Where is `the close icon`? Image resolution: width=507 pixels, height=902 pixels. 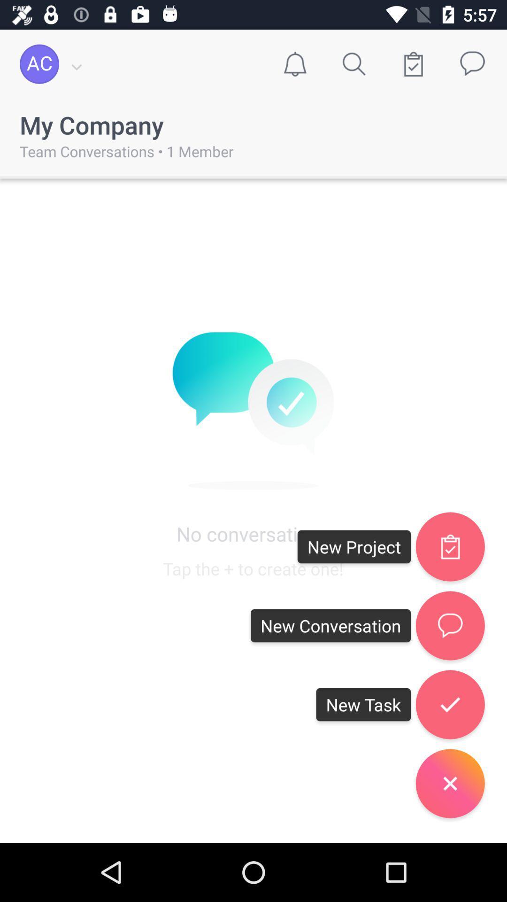 the close icon is located at coordinates (450, 783).